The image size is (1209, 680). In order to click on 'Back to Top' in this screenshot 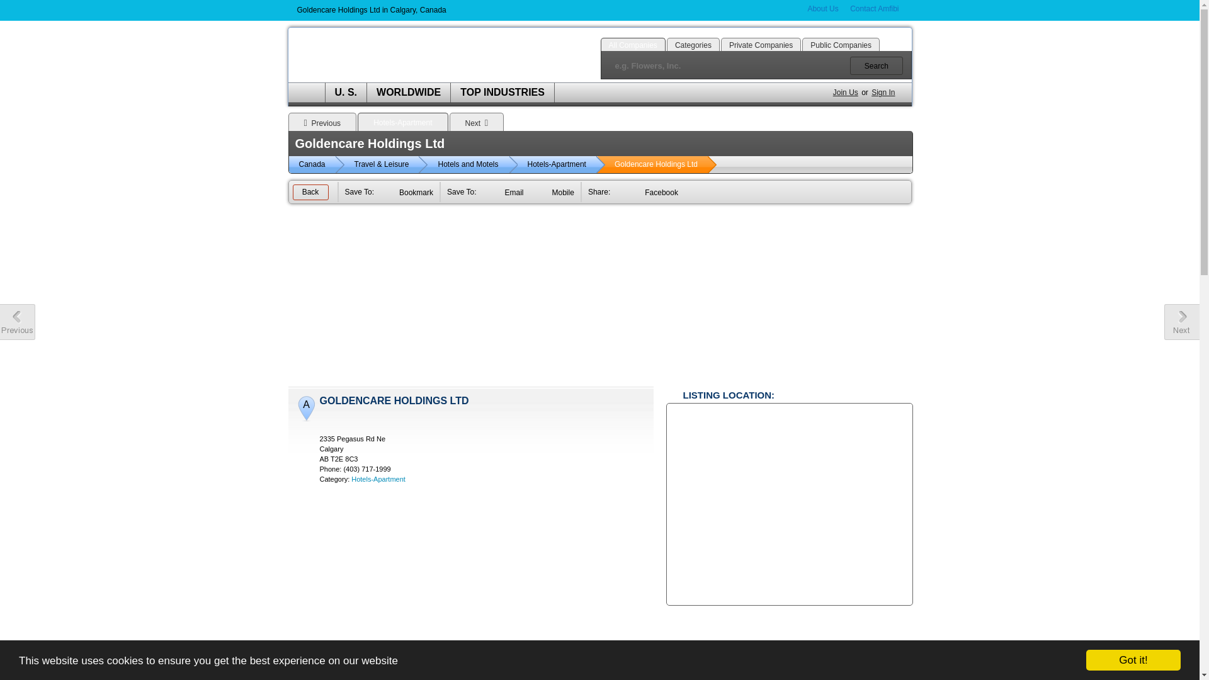, I will do `click(1181, 658)`.